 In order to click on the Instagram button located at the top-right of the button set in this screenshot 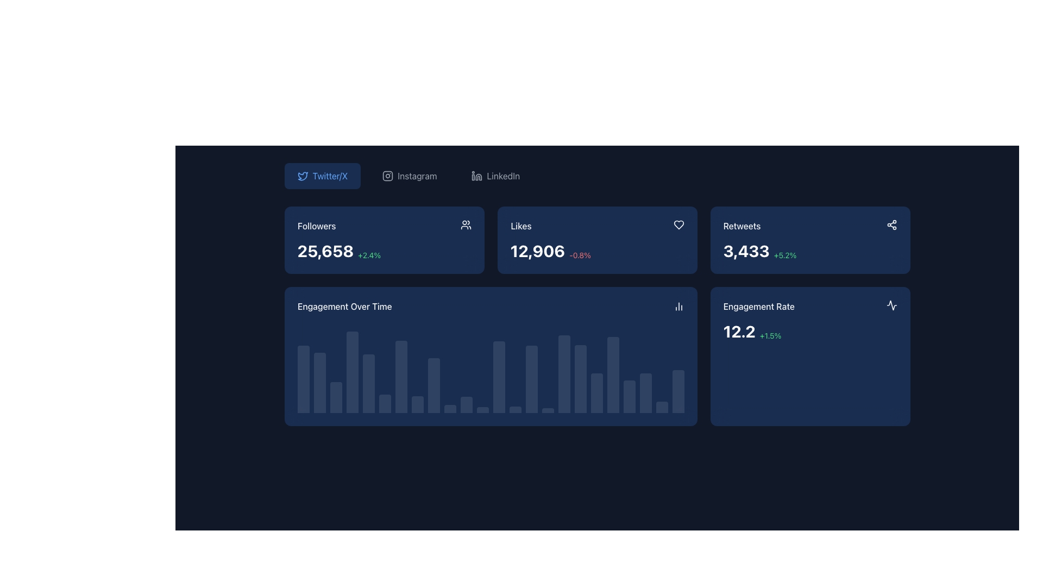, I will do `click(409, 176)`.